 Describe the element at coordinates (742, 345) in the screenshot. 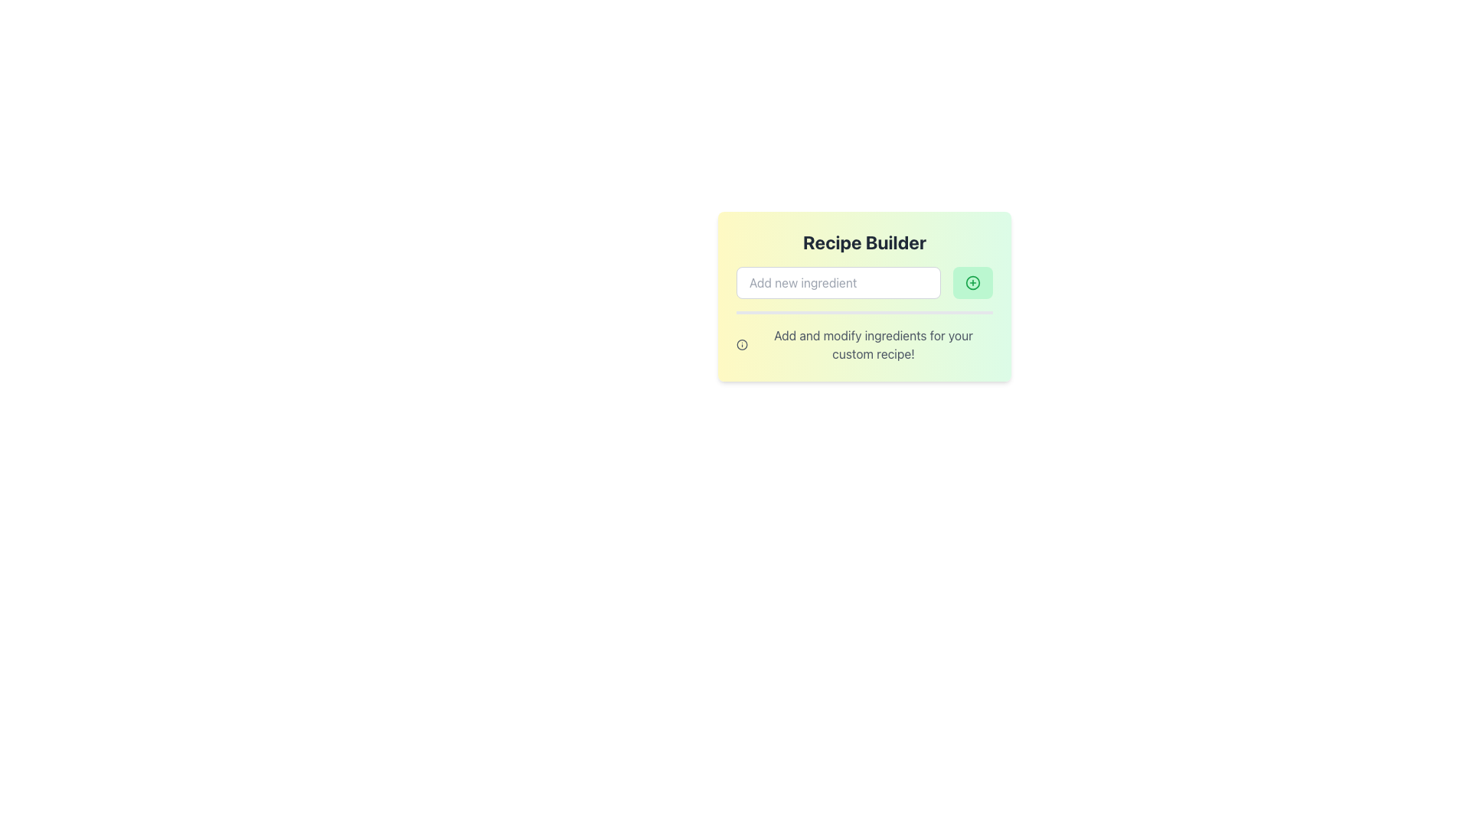

I see `the outermost circular component of the 'info' icon located in the lower-left corner of the 'Recipe Builder' card` at that location.